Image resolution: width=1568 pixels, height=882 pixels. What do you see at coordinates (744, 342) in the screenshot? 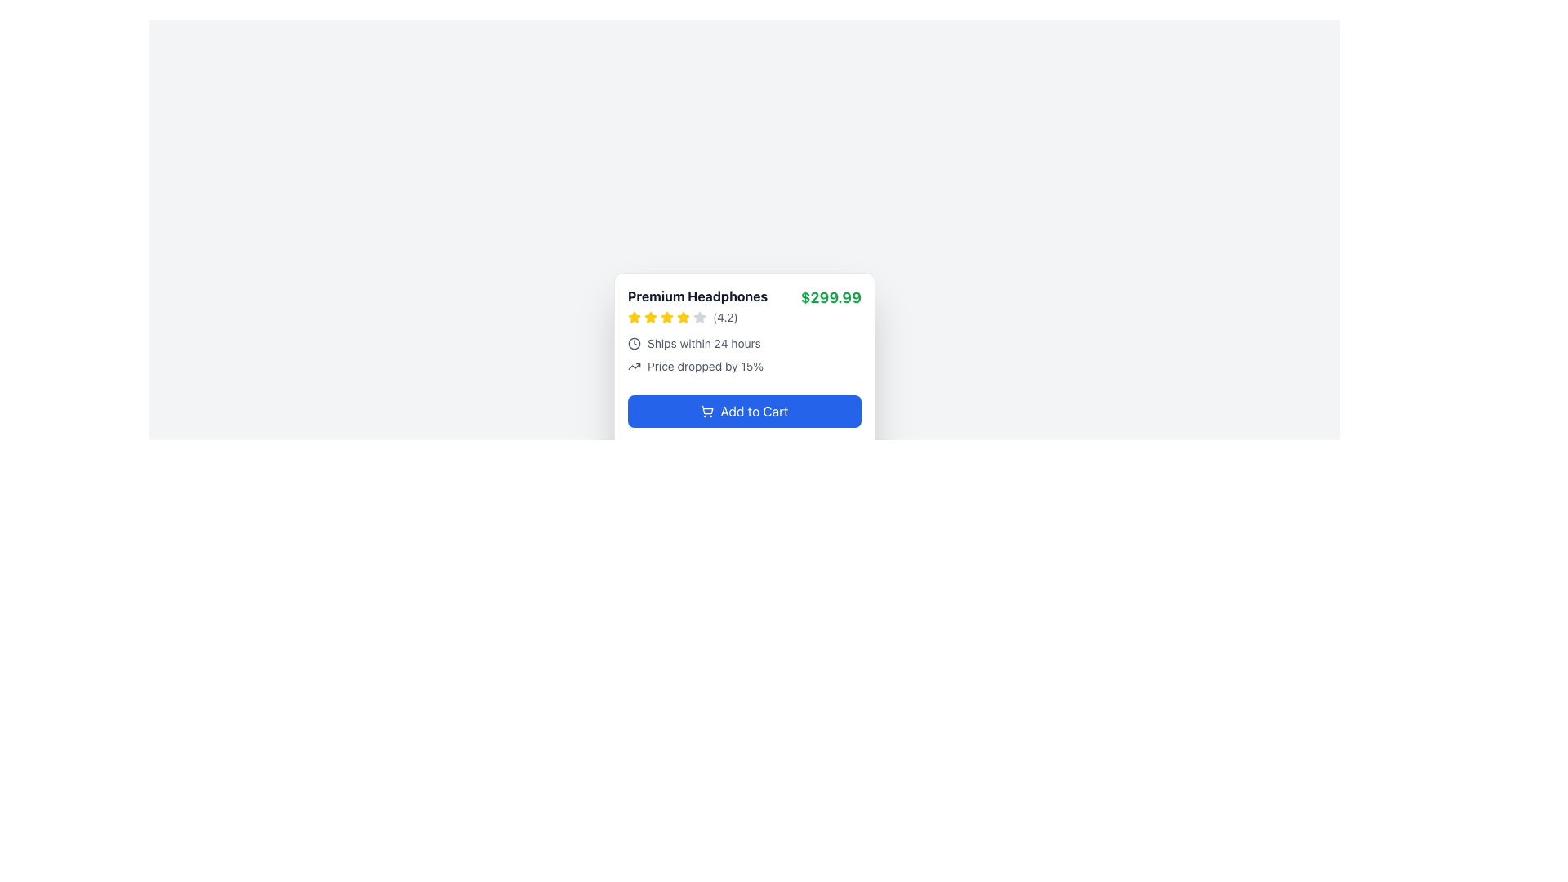
I see `the informational text 'Ships within 24 hours' with the accompanying clock icon to potentially reveal additional details or a tooltip` at bounding box center [744, 342].